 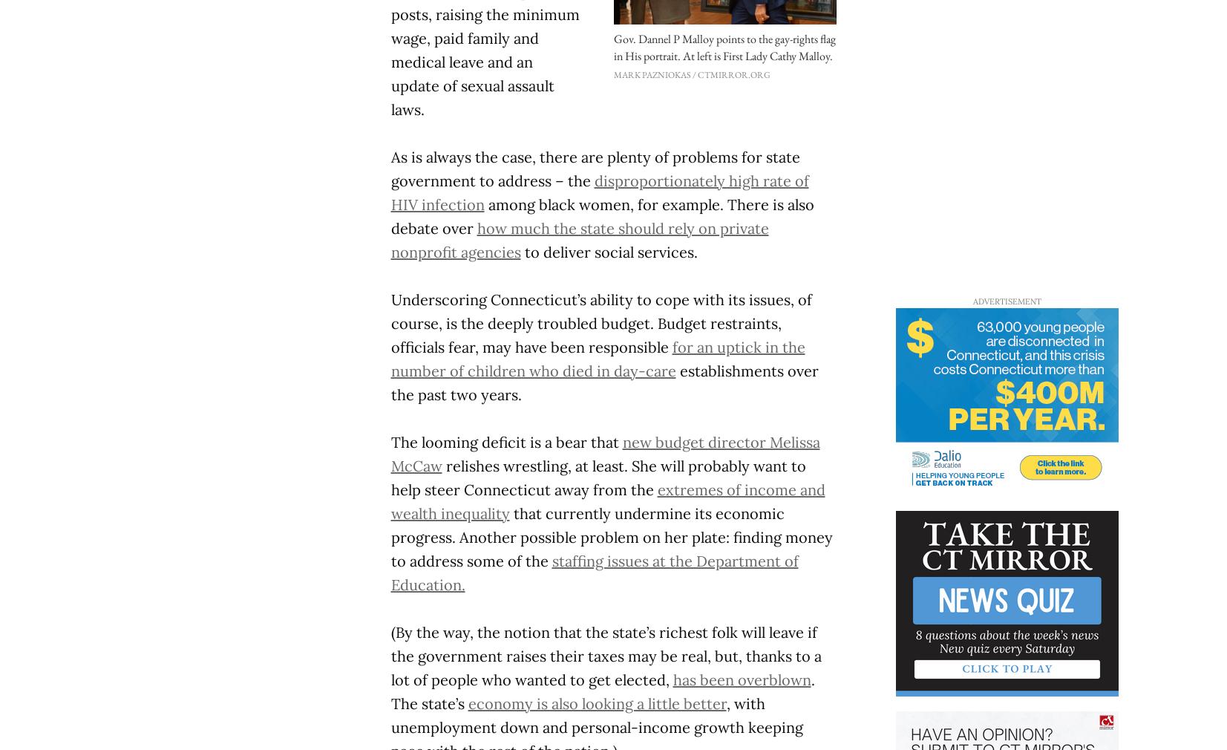 What do you see at coordinates (578, 239) in the screenshot?
I see `'how much the state should rely on private nonprofit agencies'` at bounding box center [578, 239].